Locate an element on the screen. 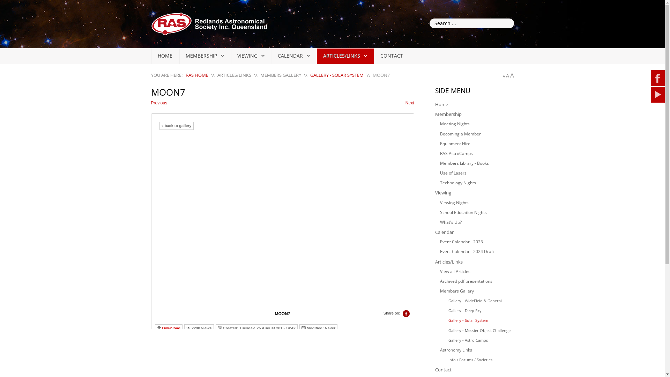 The height and width of the screenshot is (377, 670). 'A' is located at coordinates (512, 75).